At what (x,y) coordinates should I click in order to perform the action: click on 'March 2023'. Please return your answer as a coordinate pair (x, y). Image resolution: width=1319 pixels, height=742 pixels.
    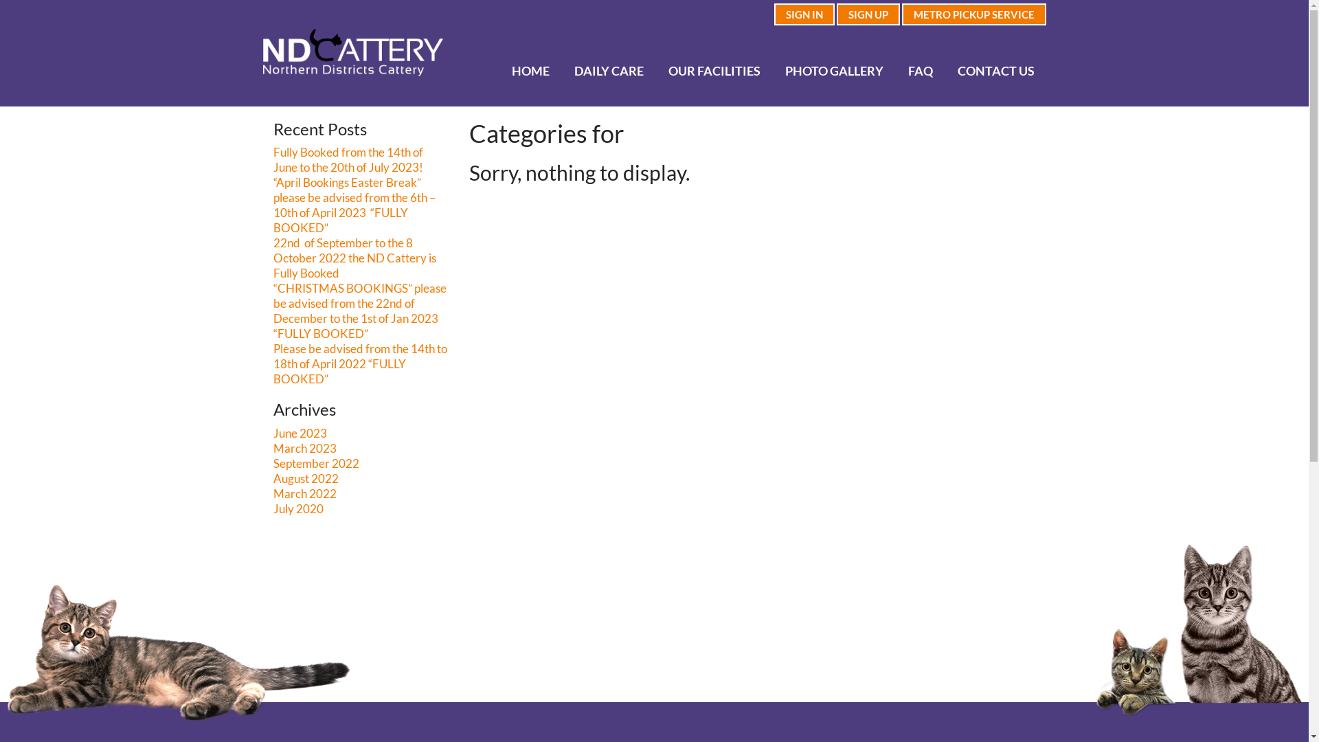
    Looking at the image, I should click on (304, 448).